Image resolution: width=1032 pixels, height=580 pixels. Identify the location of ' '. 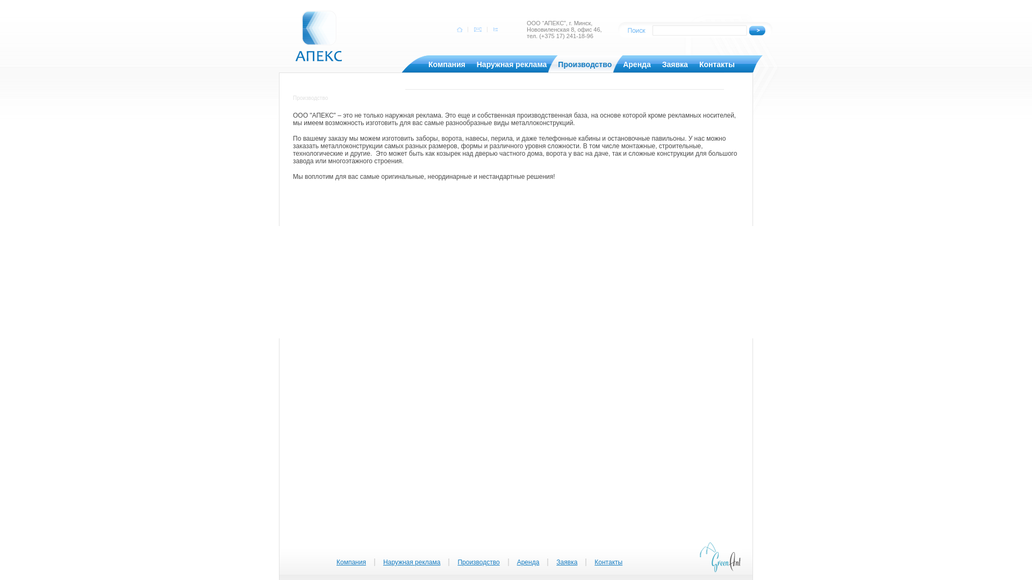
(460, 28).